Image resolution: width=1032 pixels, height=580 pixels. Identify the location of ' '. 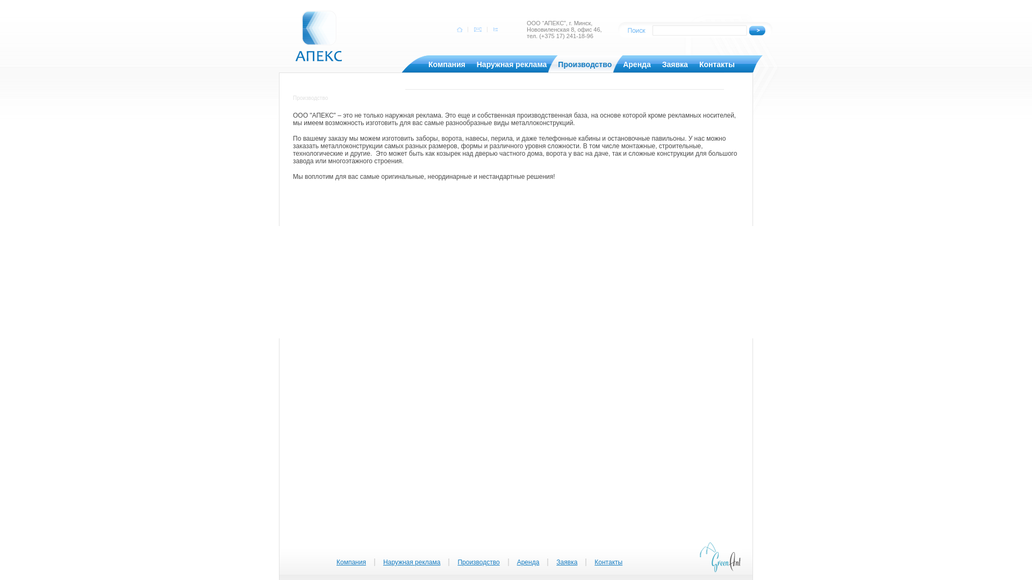
(460, 28).